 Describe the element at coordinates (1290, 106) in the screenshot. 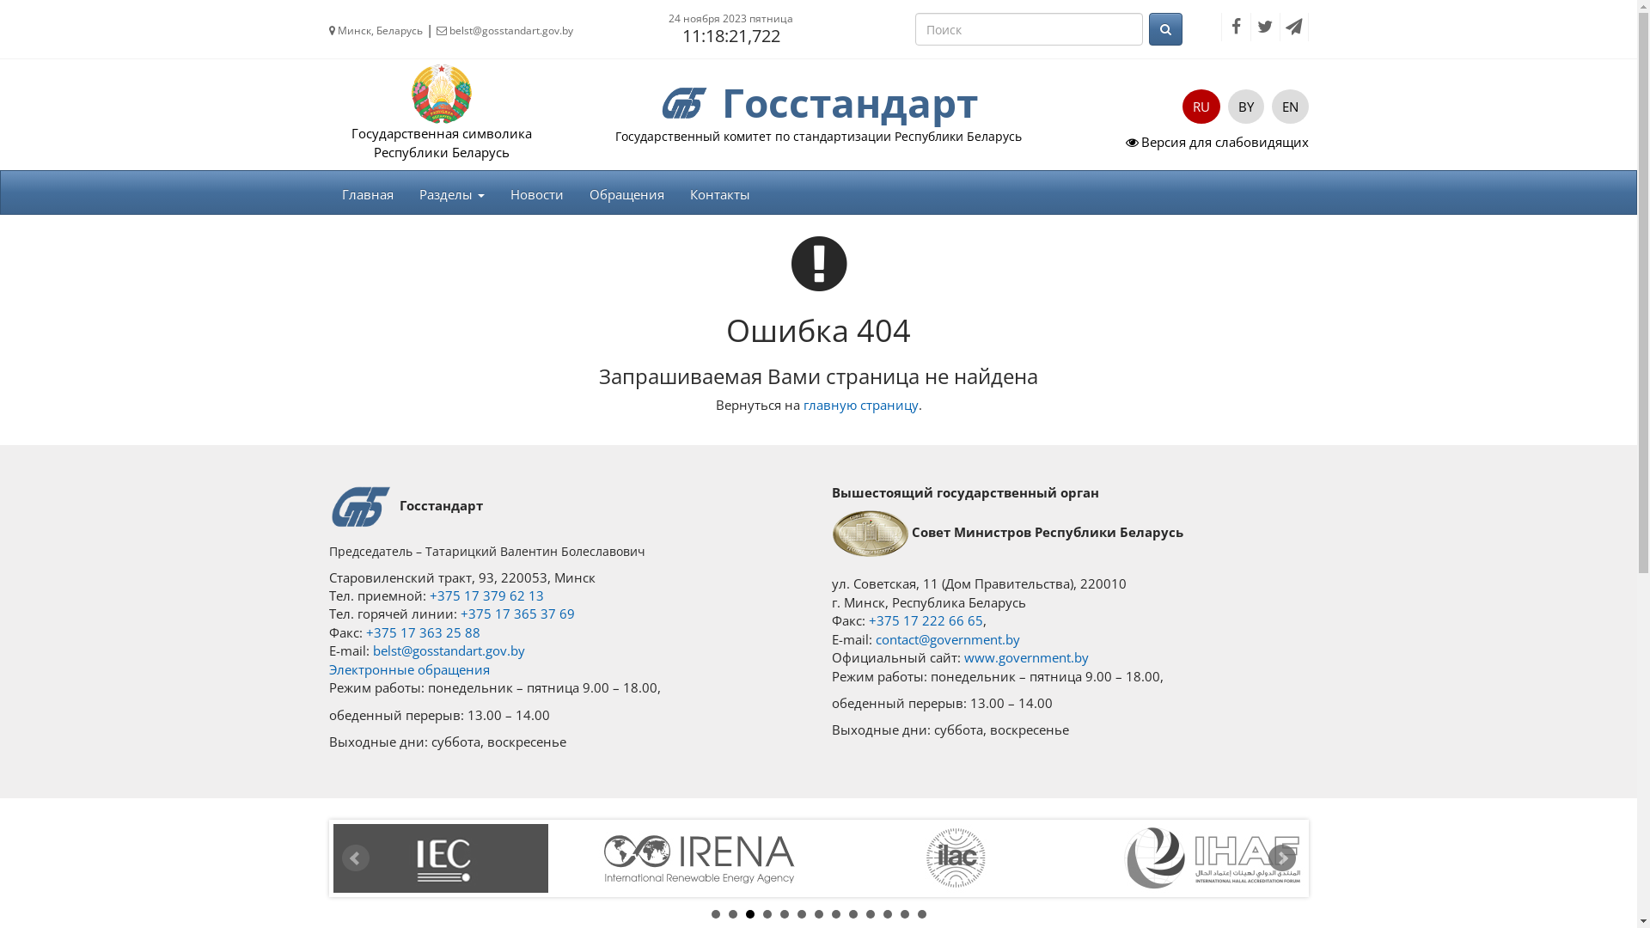

I see `'EN'` at that location.